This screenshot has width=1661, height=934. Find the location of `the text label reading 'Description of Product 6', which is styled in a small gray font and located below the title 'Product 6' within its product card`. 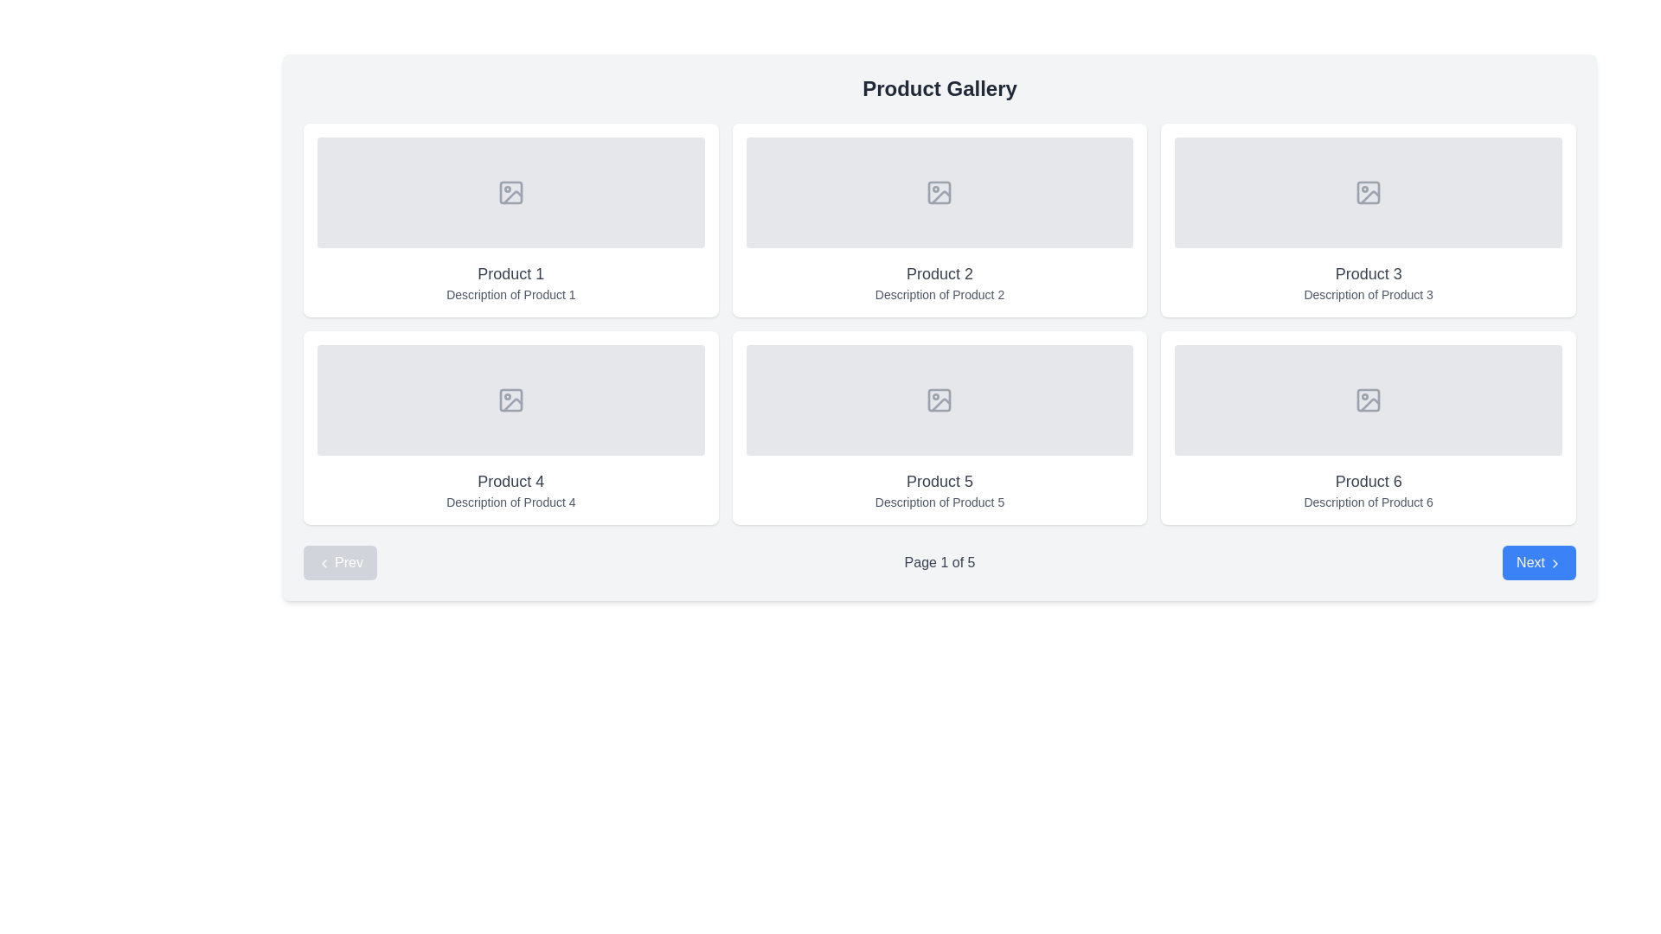

the text label reading 'Description of Product 6', which is styled in a small gray font and located below the title 'Product 6' within its product card is located at coordinates (1368, 502).